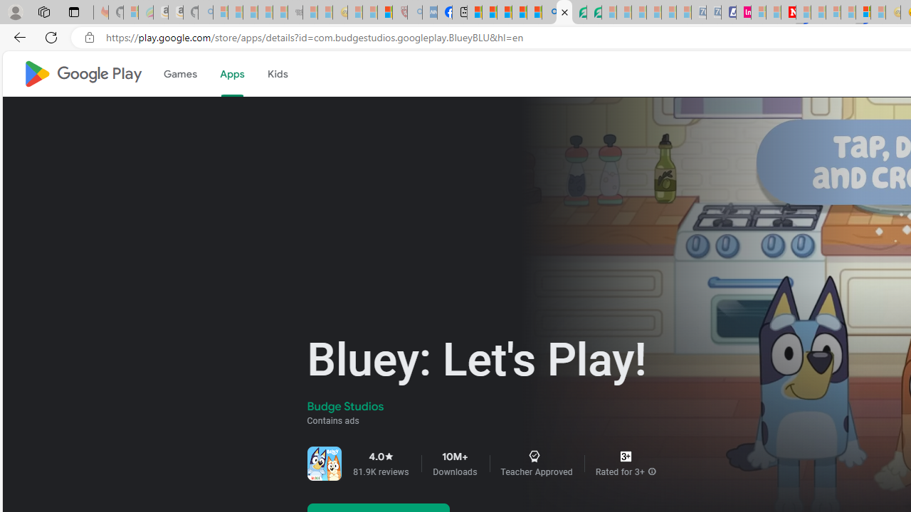 This screenshot has height=512, width=911. I want to click on 'Trusted Community Engagement and Contributions | Guidelines', so click(803, 12).